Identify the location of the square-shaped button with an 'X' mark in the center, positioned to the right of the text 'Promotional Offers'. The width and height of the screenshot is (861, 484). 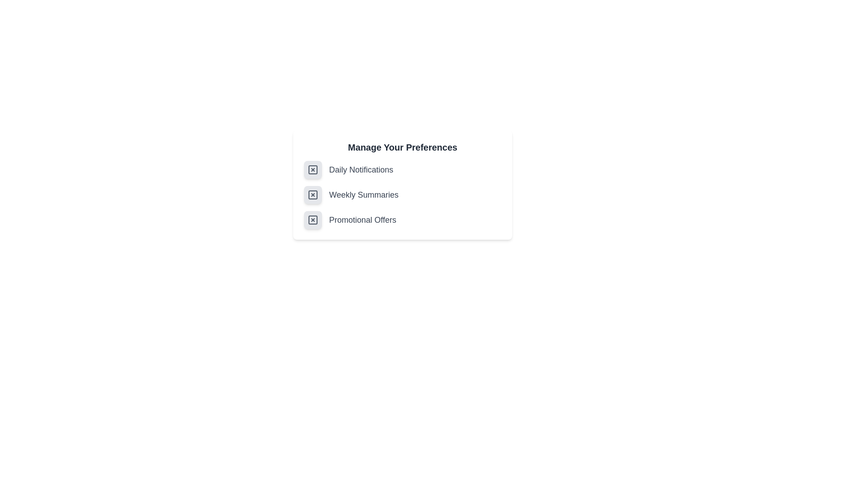
(313, 220).